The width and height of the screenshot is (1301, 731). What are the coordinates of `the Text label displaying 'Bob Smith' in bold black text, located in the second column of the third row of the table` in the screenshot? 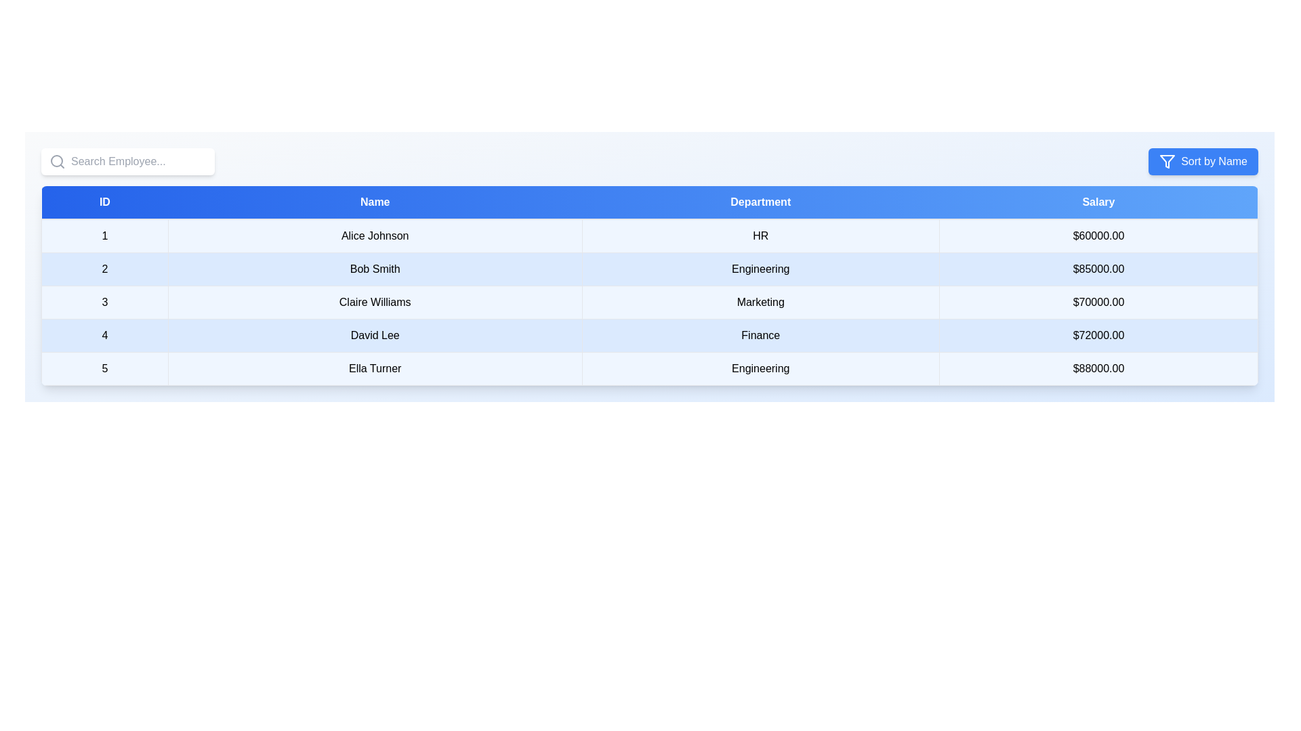 It's located at (375, 269).